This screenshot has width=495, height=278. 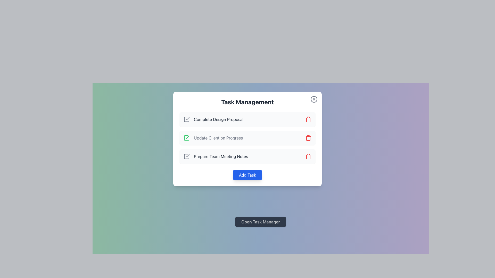 I want to click on the delete button icon located at the right side of the 'Prepare Team Meeting Notes' card, so click(x=308, y=156).